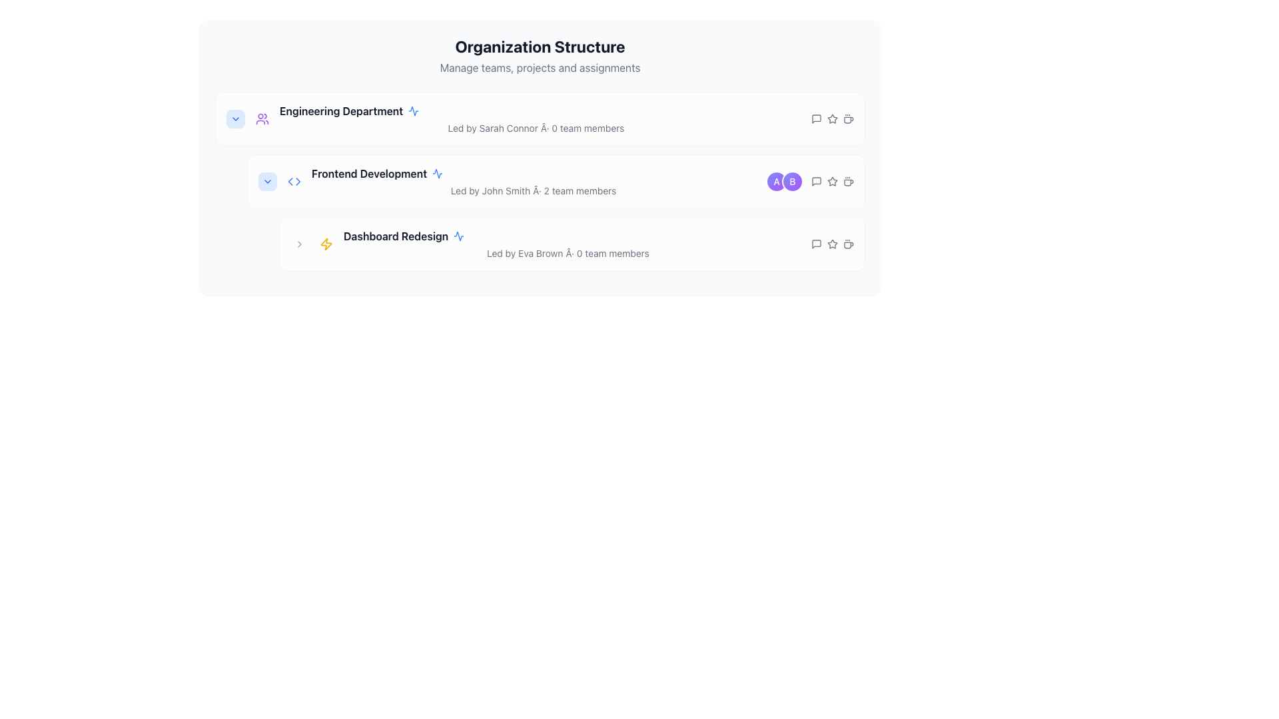 The image size is (1279, 719). Describe the element at coordinates (540, 118) in the screenshot. I see `information card summarizing the 'Engineering Department,' which is the first item in the vertical list of organizational units on the main interface` at that location.